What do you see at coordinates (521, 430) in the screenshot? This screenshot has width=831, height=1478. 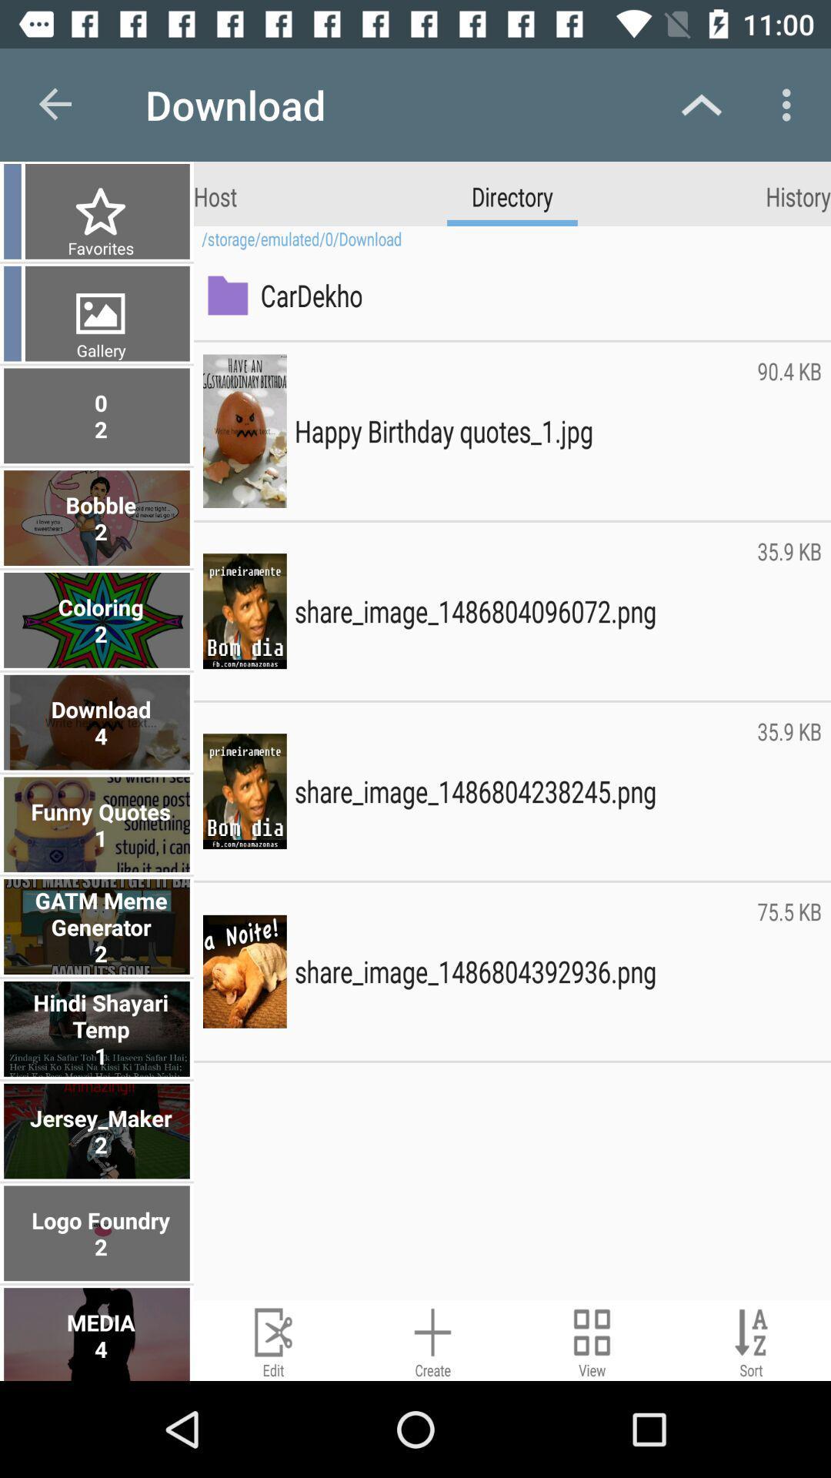 I see `the happy birthday quotes_1 item` at bounding box center [521, 430].